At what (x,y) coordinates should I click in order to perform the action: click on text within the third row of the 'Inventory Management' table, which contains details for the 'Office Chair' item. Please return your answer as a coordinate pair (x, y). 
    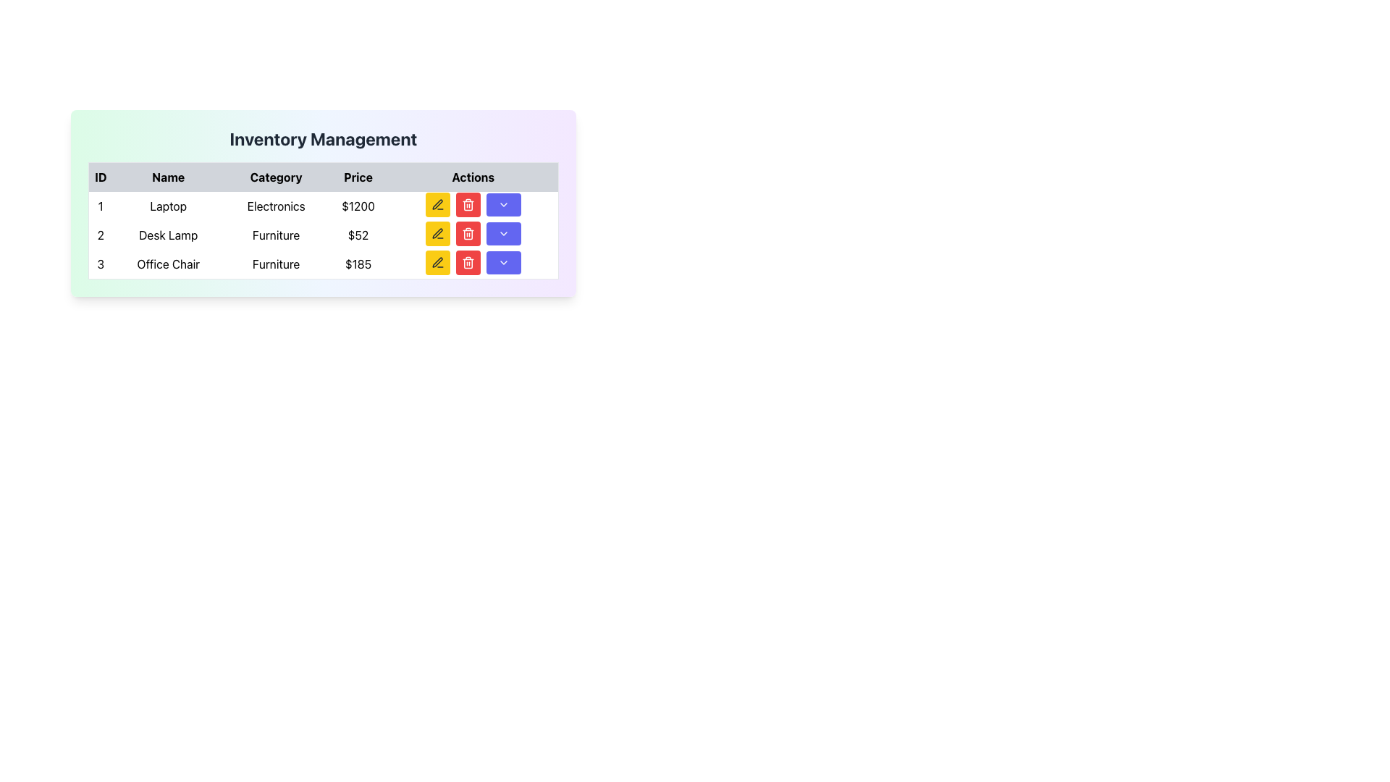
    Looking at the image, I should click on (322, 264).